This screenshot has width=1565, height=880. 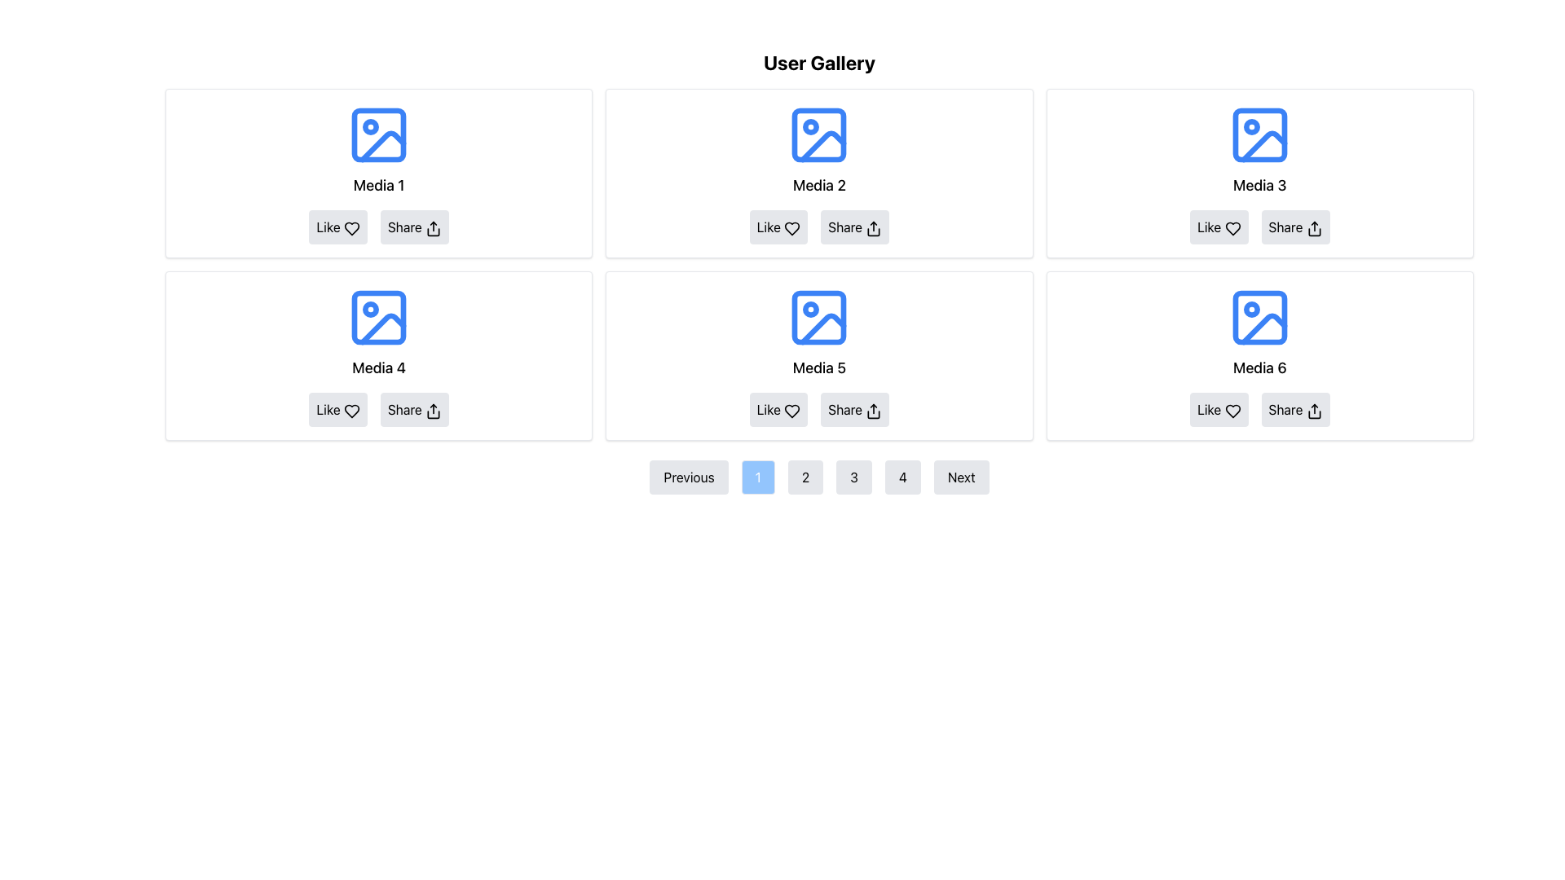 What do you see at coordinates (854, 227) in the screenshot?
I see `the 'Share' button with a gray background and rounded border in the second media card of the gallery` at bounding box center [854, 227].